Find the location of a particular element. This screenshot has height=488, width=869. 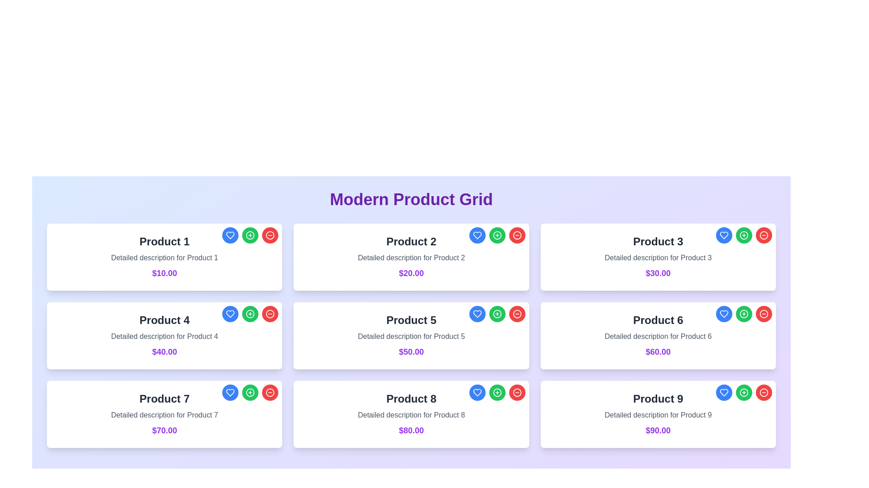

price value displayed in the bold purple font as '$60.00' located in the product card for 'Product 6' at the bottom underneath the product description is located at coordinates (658, 352).